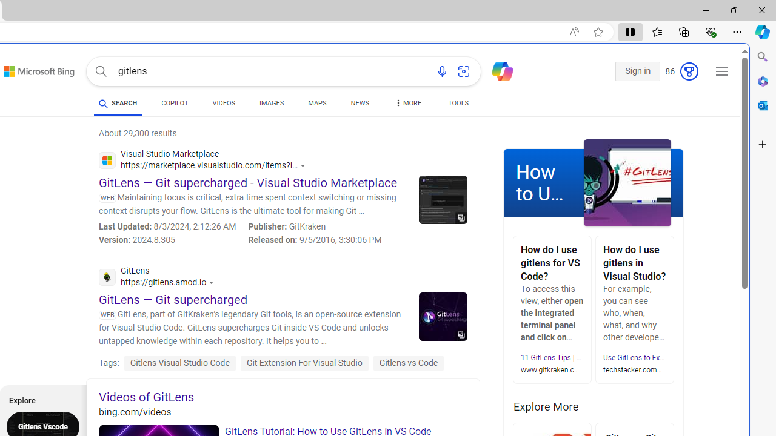  I want to click on 'NEWS', so click(359, 103).